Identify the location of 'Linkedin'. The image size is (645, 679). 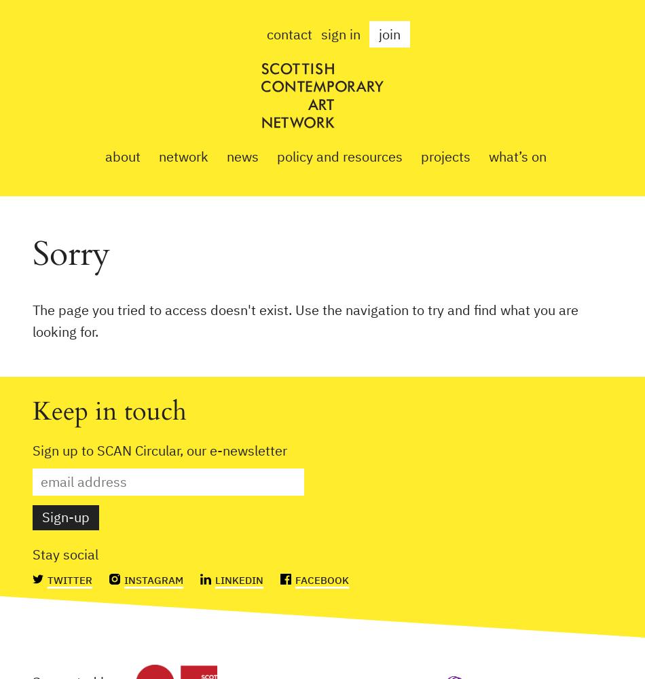
(238, 579).